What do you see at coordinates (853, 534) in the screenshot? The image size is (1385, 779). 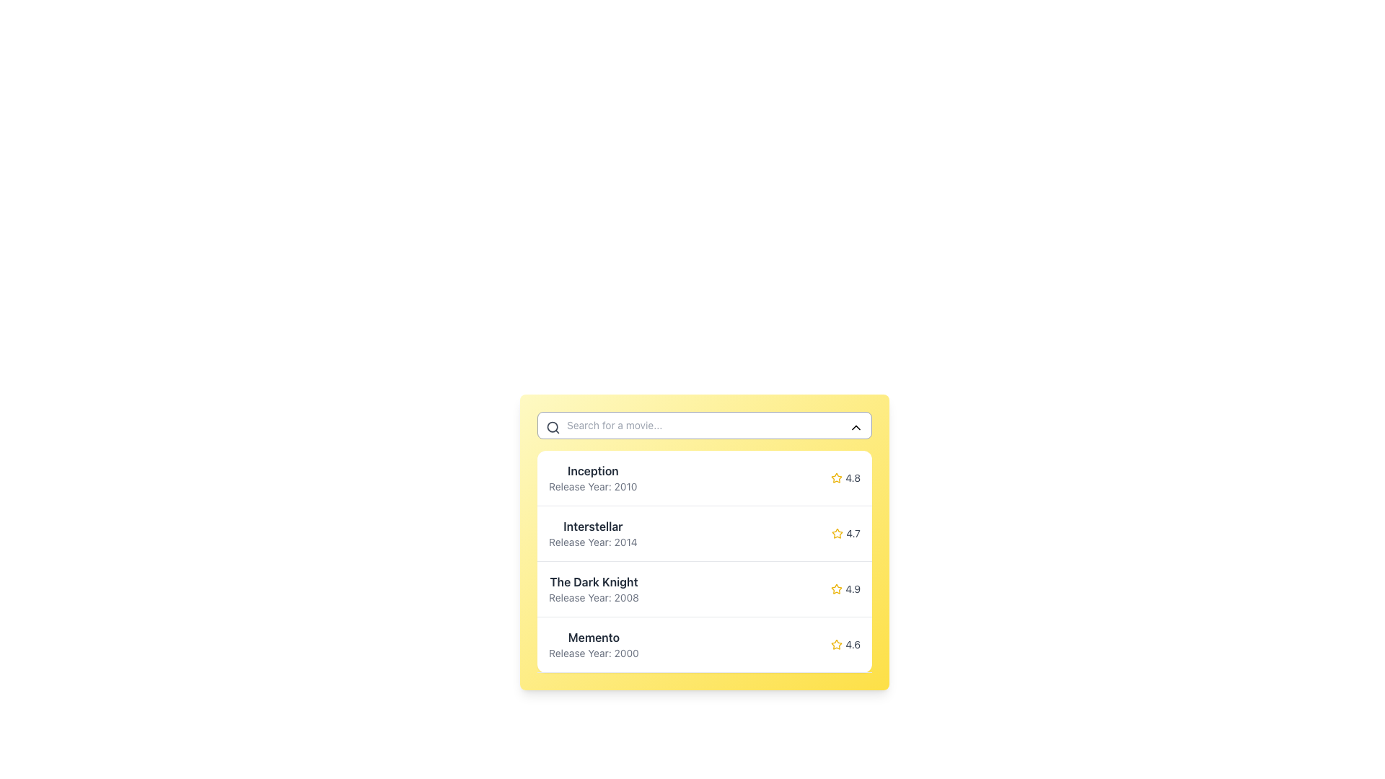 I see `the text label displaying '4.7' that is positioned next to the yellow star icon, representing the rating for the movie 'Interstellar'` at bounding box center [853, 534].